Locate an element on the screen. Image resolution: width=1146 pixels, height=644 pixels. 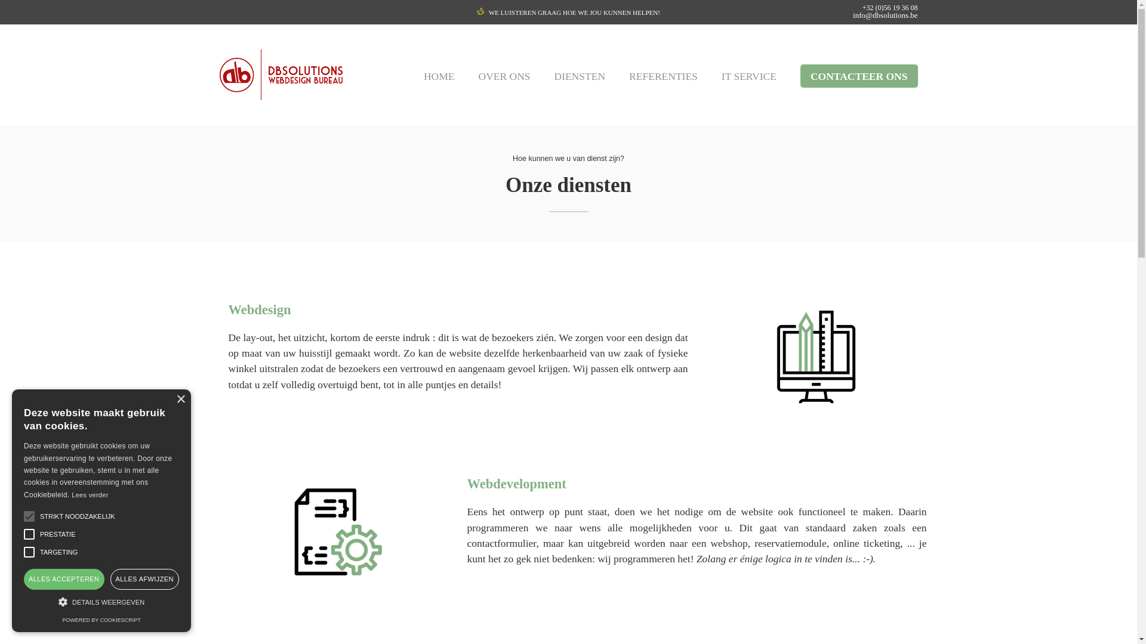
'HOME' is located at coordinates (438, 76).